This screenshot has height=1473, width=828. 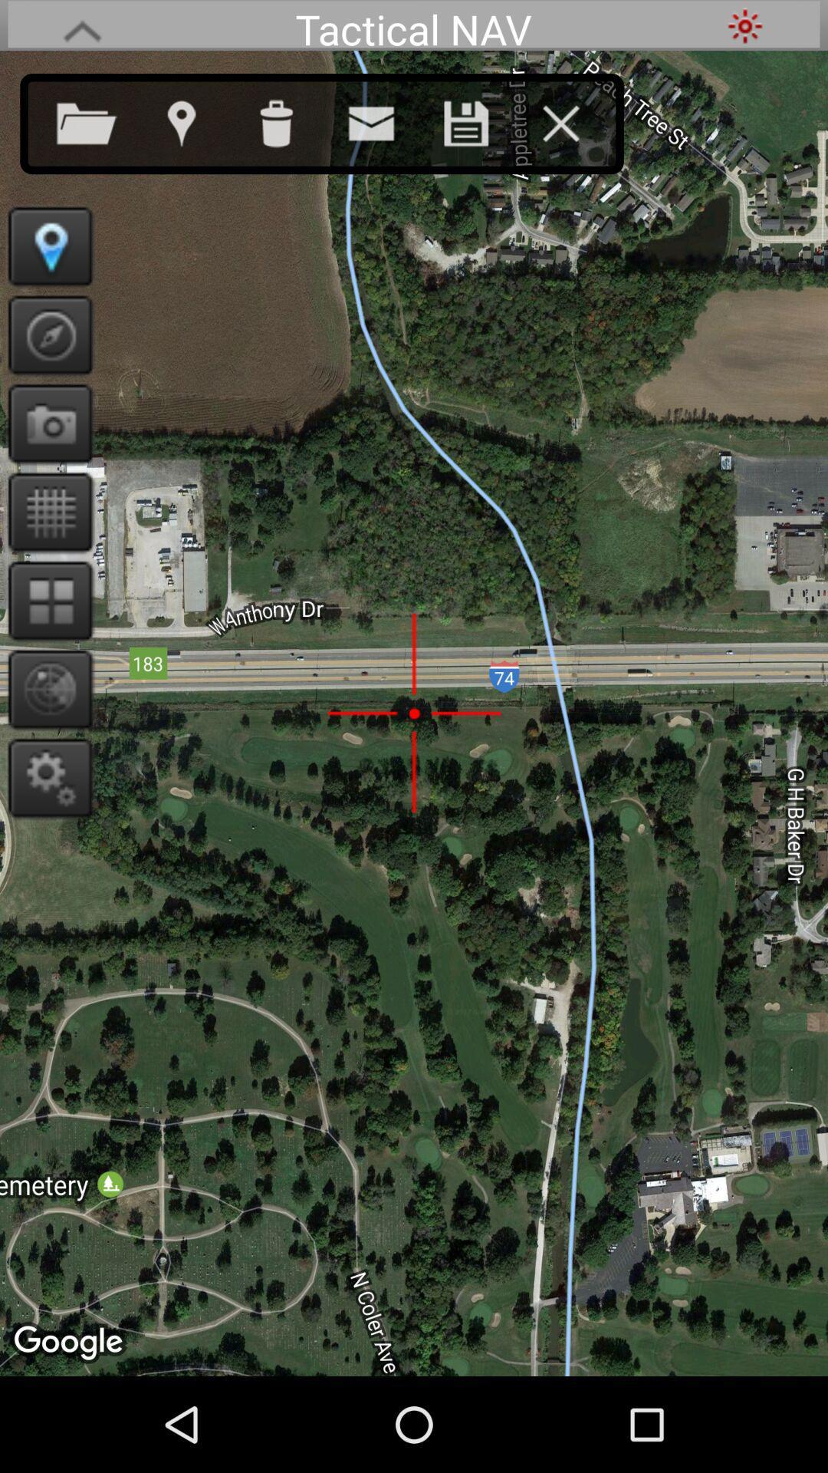 I want to click on app below tactical nav icon, so click(x=576, y=120).